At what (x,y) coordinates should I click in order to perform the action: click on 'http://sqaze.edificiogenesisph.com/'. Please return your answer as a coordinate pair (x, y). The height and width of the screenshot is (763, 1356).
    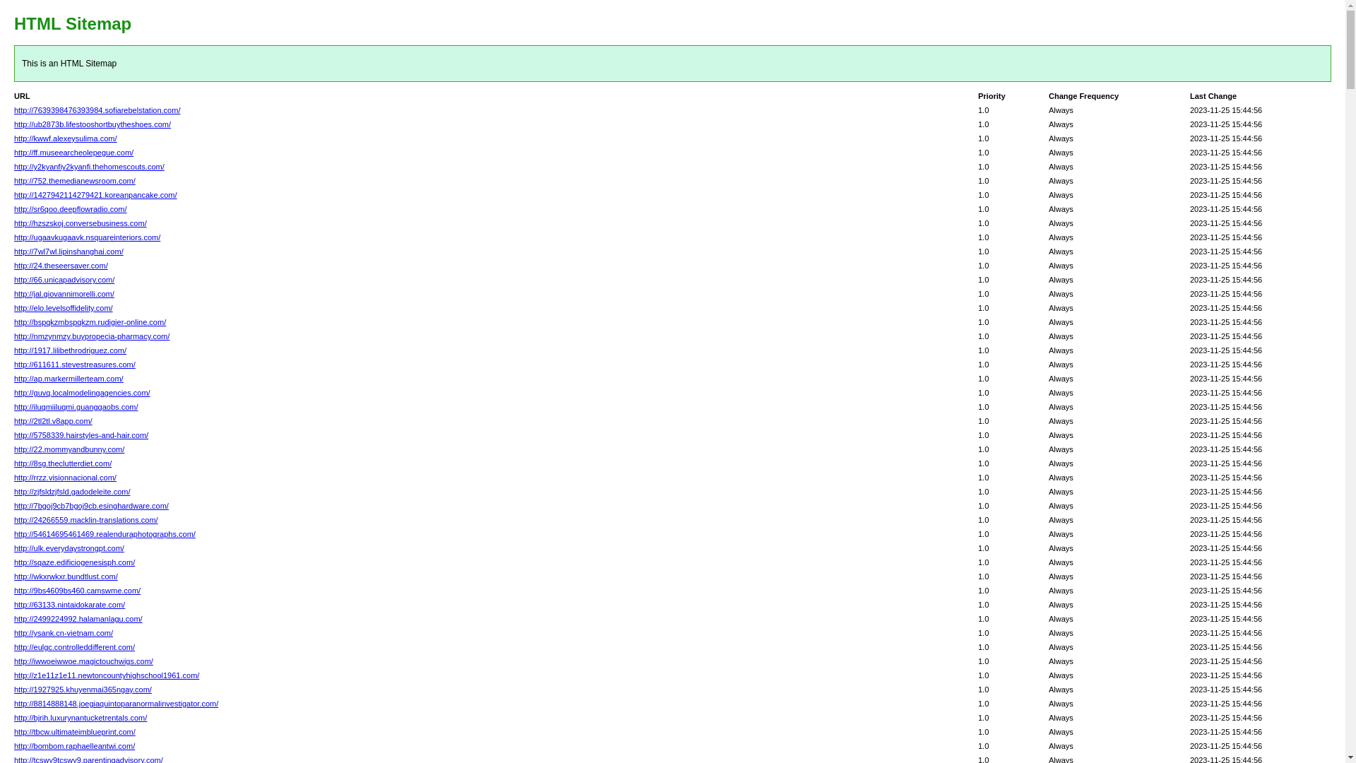
    Looking at the image, I should click on (73, 561).